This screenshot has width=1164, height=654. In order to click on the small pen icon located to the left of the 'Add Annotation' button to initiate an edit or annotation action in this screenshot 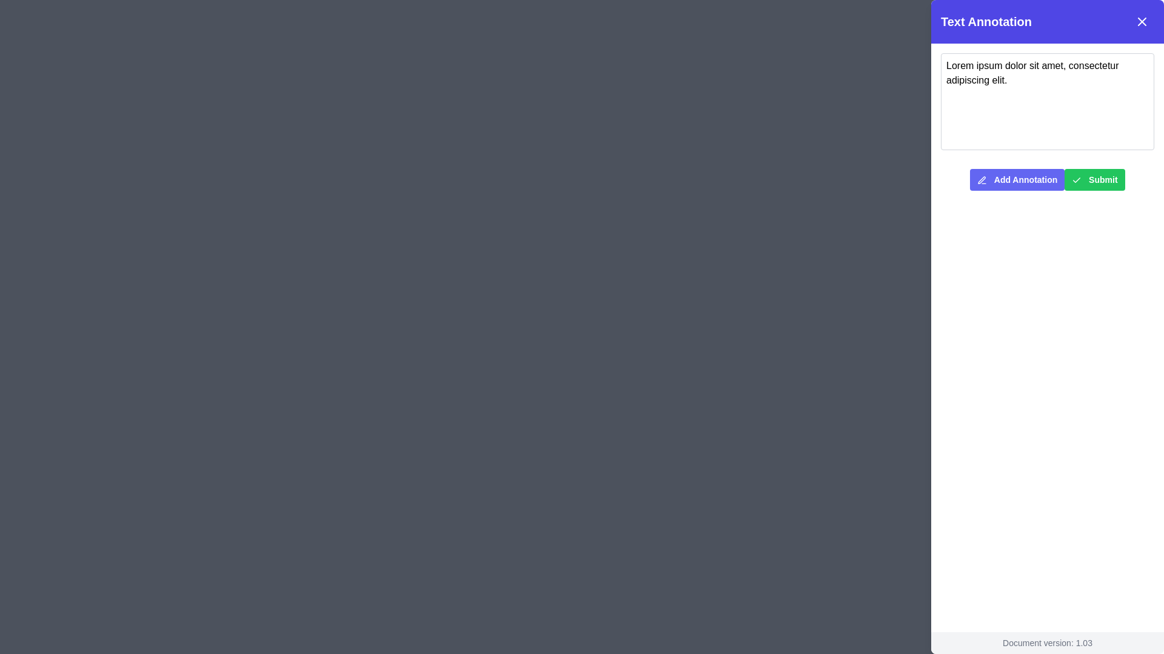, I will do `click(982, 180)`.